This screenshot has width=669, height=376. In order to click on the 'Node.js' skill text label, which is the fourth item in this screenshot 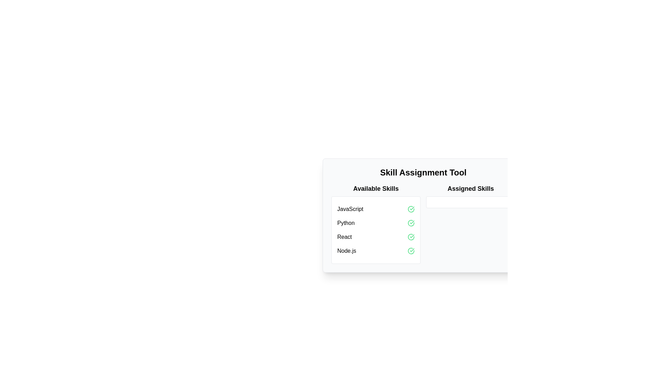, I will do `click(346, 251)`.